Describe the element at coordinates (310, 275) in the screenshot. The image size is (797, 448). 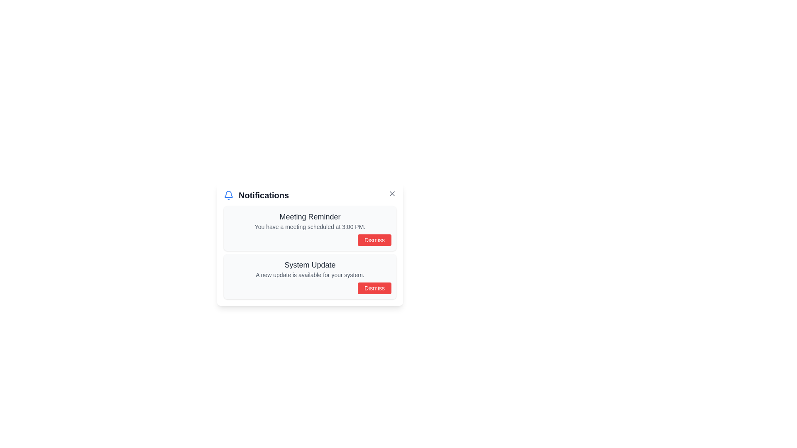
I see `the text block element styled with a small-sized, gray-colored font that displays the message 'A new update is available for your system.' located beneath the title 'System Update' within the notification panel` at that location.